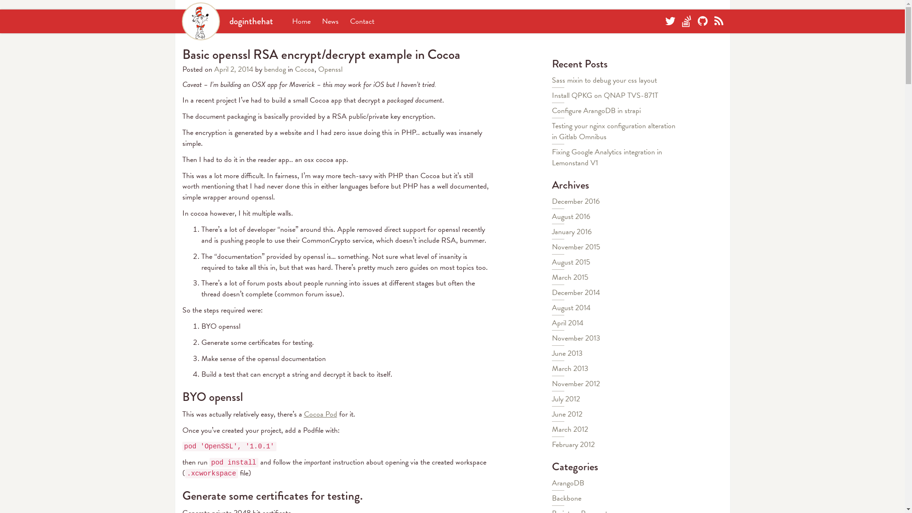  Describe the element at coordinates (570, 368) in the screenshot. I see `'March 2013'` at that location.